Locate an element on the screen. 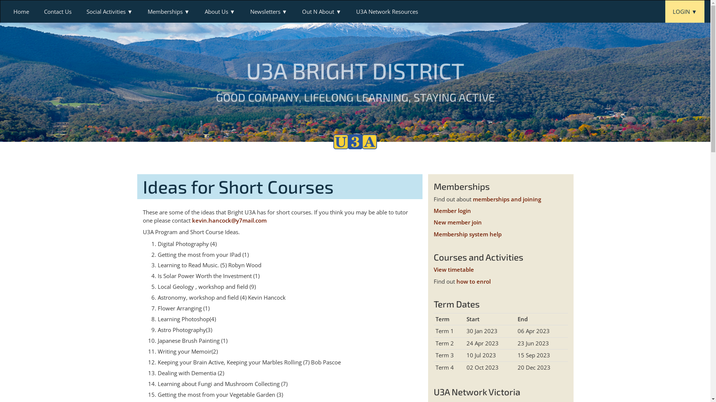  'Memberships' is located at coordinates (168, 11).